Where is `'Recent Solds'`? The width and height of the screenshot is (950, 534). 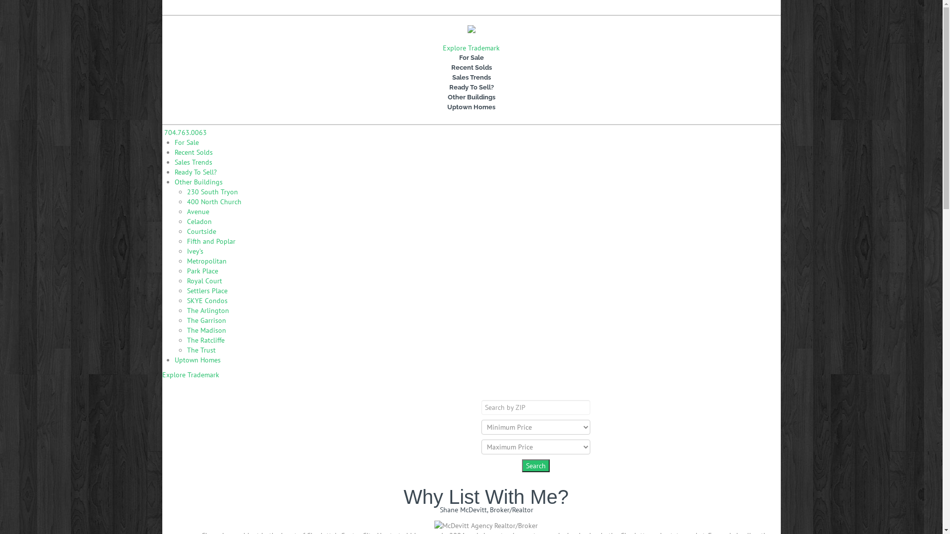
'Recent Solds' is located at coordinates (471, 67).